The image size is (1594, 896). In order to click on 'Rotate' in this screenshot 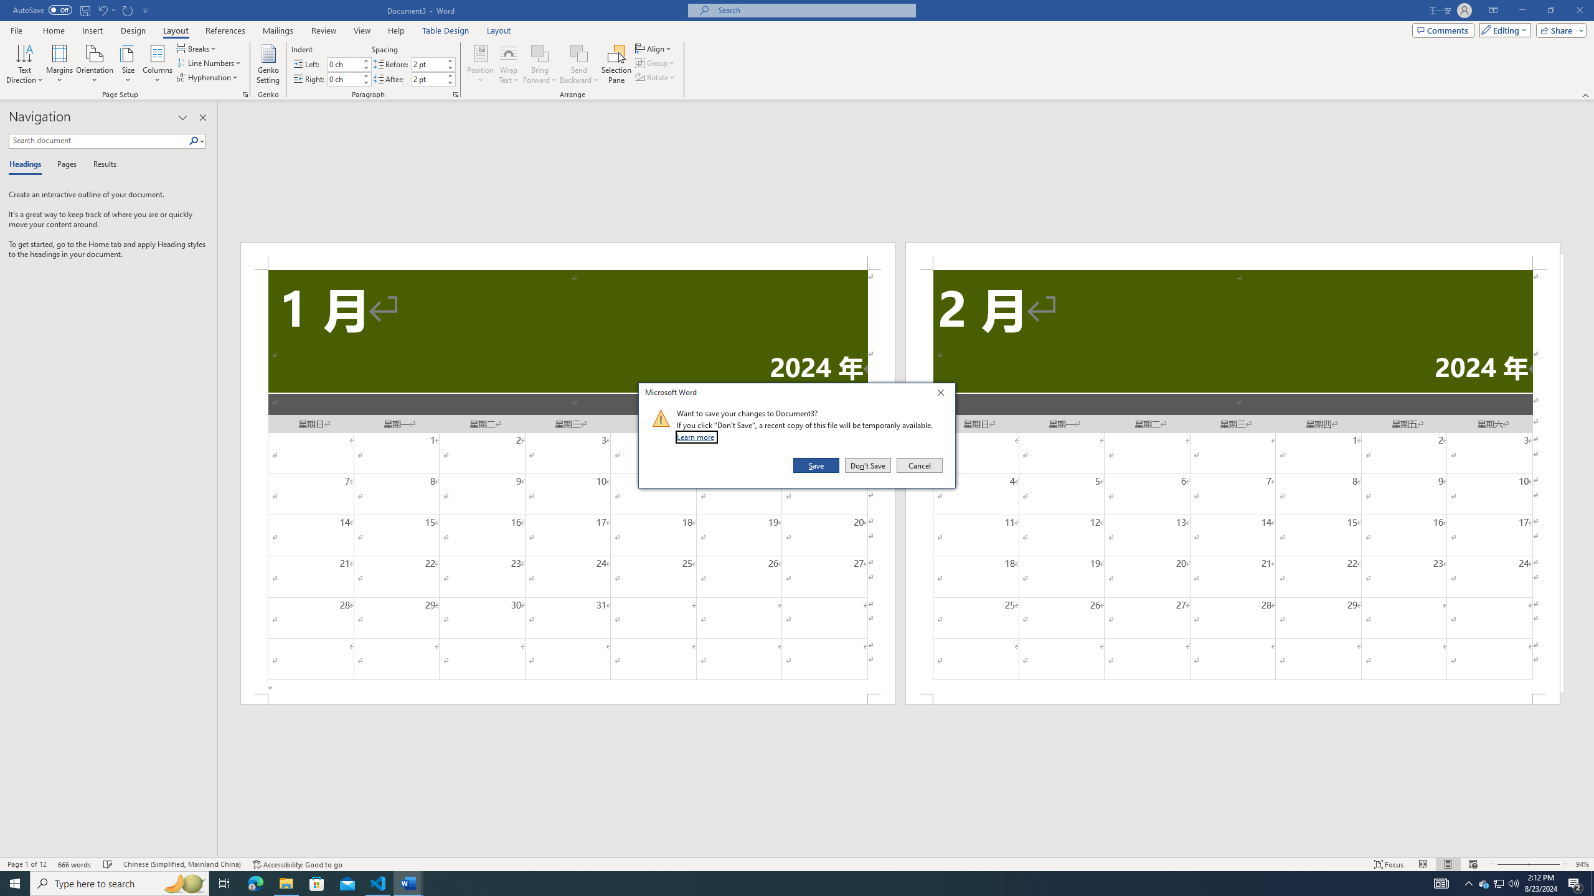, I will do `click(655, 76)`.